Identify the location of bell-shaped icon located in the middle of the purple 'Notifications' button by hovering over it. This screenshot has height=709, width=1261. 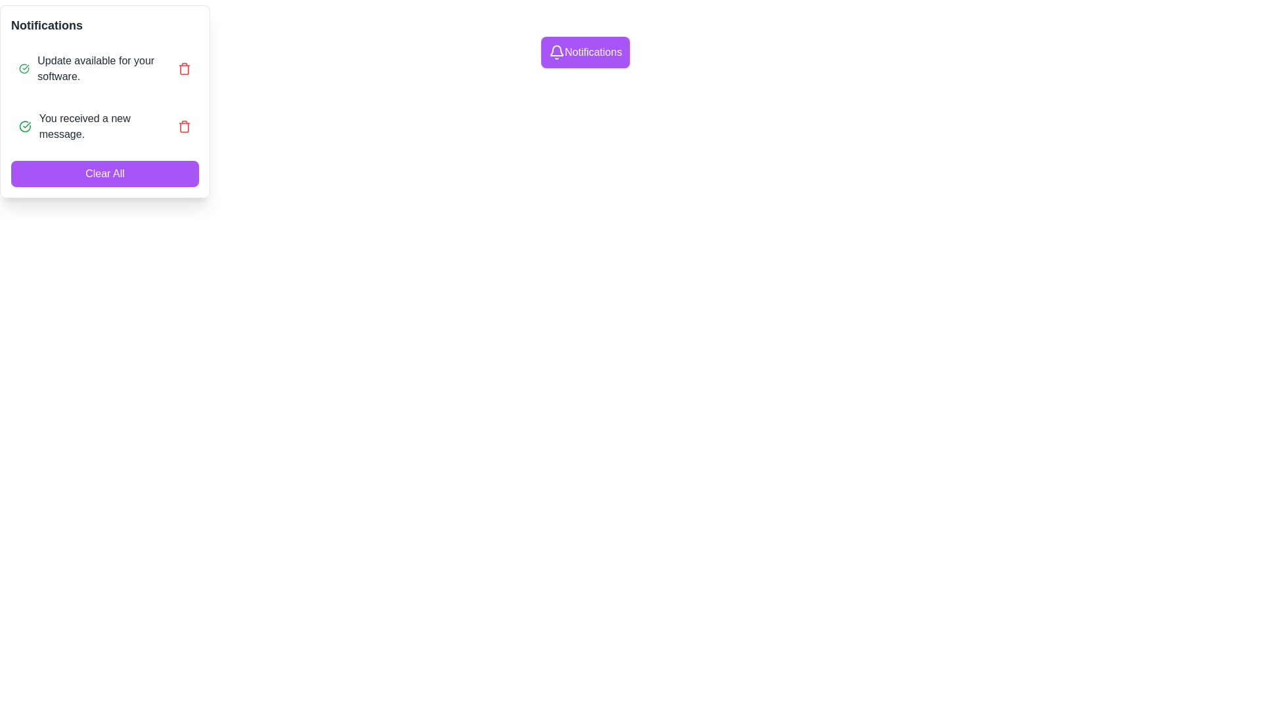
(557, 50).